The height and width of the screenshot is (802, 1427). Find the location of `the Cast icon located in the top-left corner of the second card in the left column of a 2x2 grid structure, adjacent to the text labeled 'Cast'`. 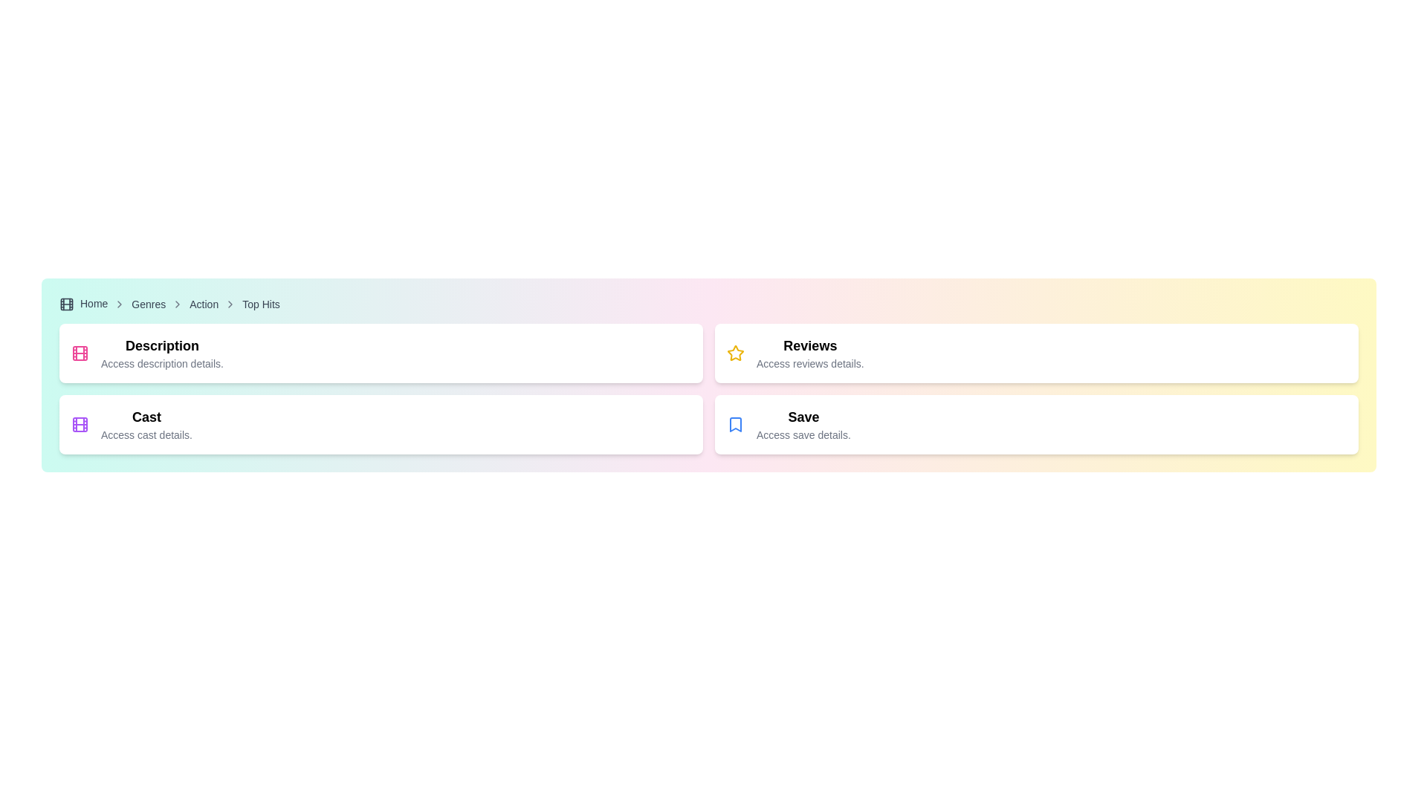

the Cast icon located in the top-left corner of the second card in the left column of a 2x2 grid structure, adjacent to the text labeled 'Cast' is located at coordinates (80, 424).